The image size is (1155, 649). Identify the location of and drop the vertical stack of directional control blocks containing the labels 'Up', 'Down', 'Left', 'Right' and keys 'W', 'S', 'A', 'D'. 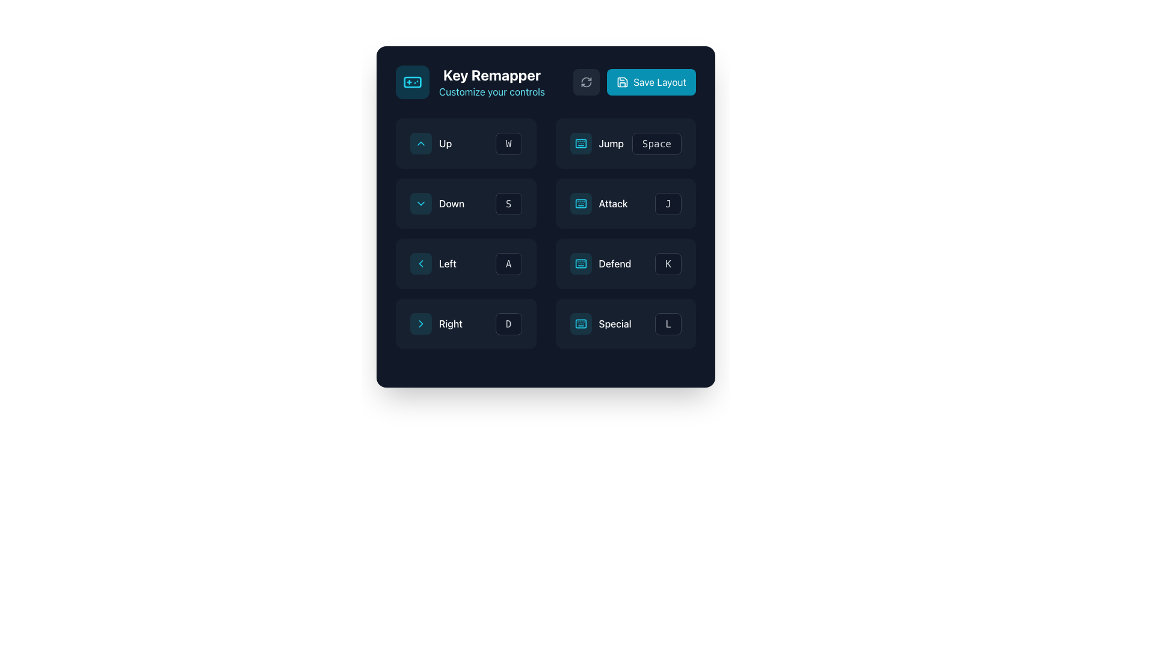
(465, 234).